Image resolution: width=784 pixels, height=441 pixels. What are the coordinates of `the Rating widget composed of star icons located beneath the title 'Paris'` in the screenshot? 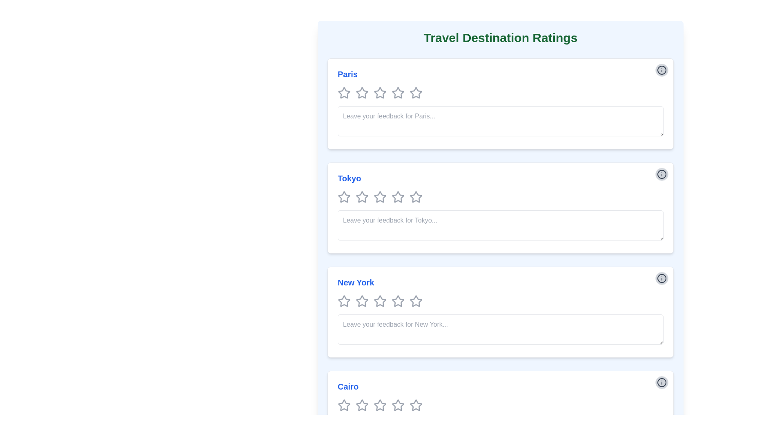 It's located at (500, 92).